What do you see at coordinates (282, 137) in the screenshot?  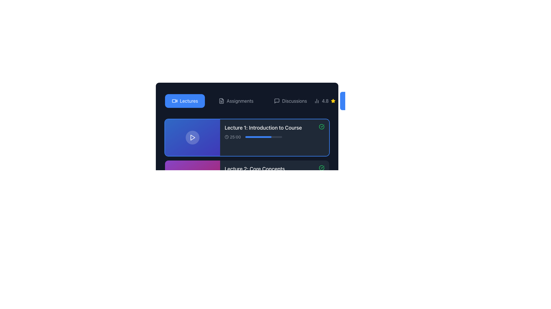 I see `the slider` at bounding box center [282, 137].